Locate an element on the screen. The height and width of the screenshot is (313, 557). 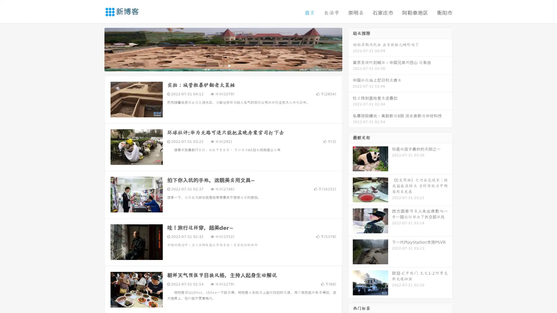
Next slide is located at coordinates (350, 49).